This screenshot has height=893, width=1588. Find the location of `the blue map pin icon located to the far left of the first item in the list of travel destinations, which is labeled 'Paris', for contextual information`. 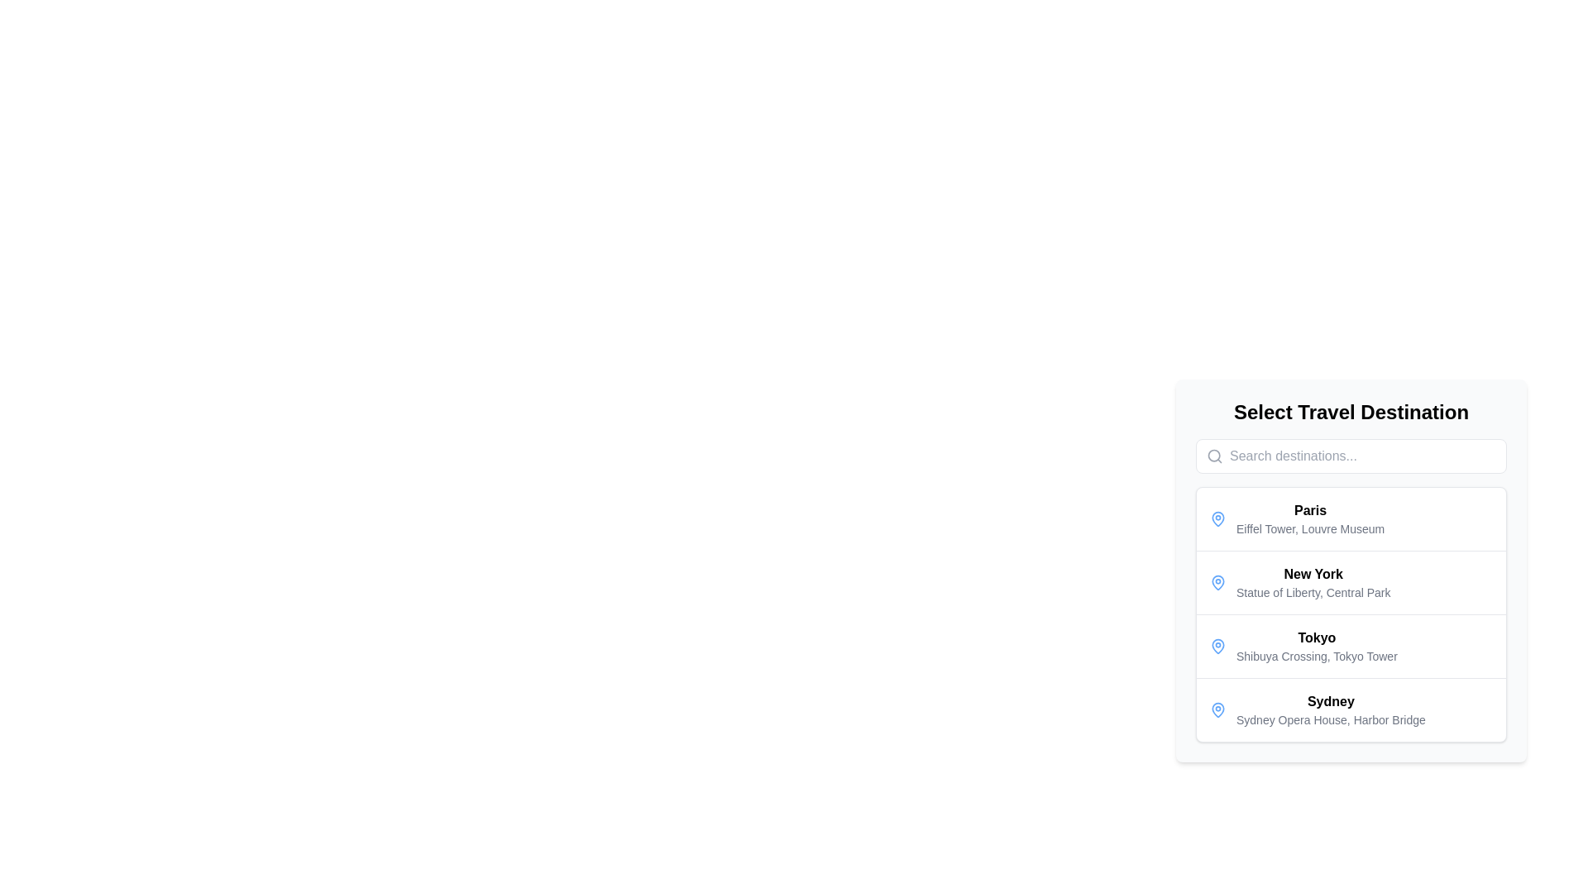

the blue map pin icon located to the far left of the first item in the list of travel destinations, which is labeled 'Paris', for contextual information is located at coordinates (1218, 518).